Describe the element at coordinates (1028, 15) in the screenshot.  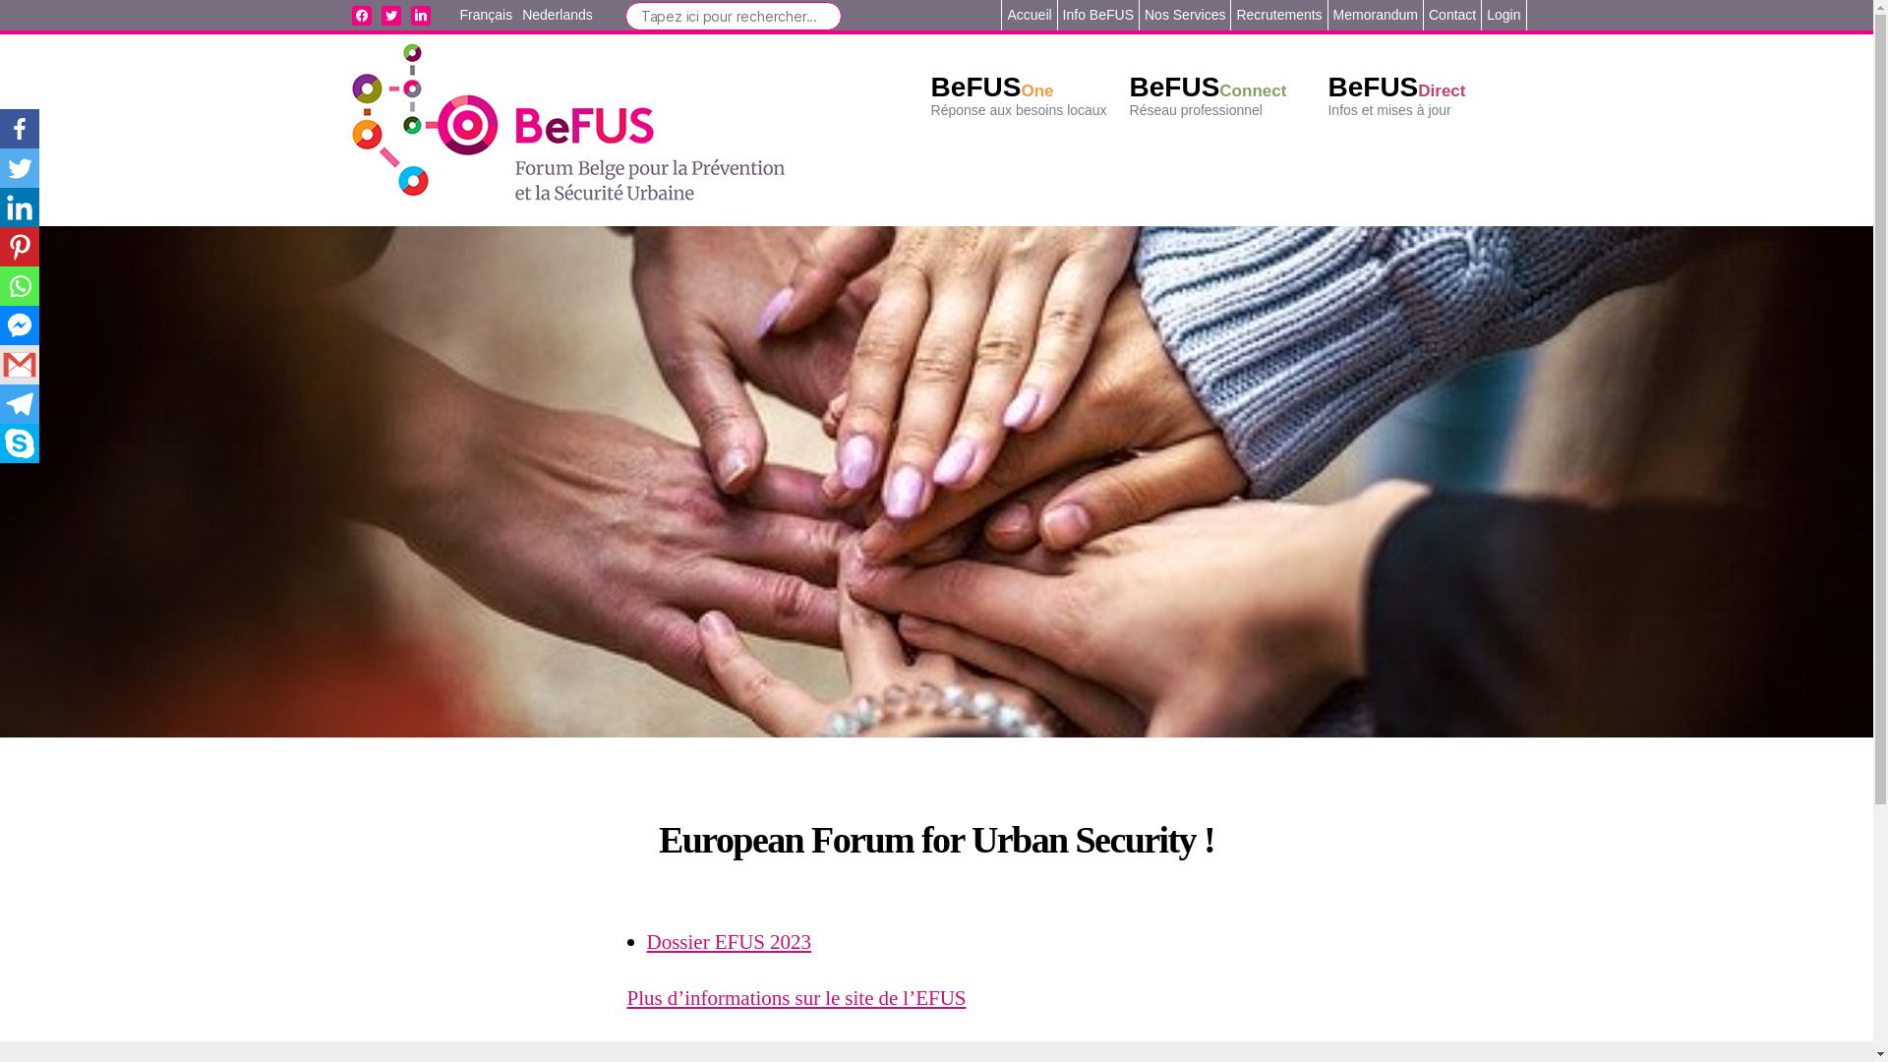
I see `'Accueil'` at that location.